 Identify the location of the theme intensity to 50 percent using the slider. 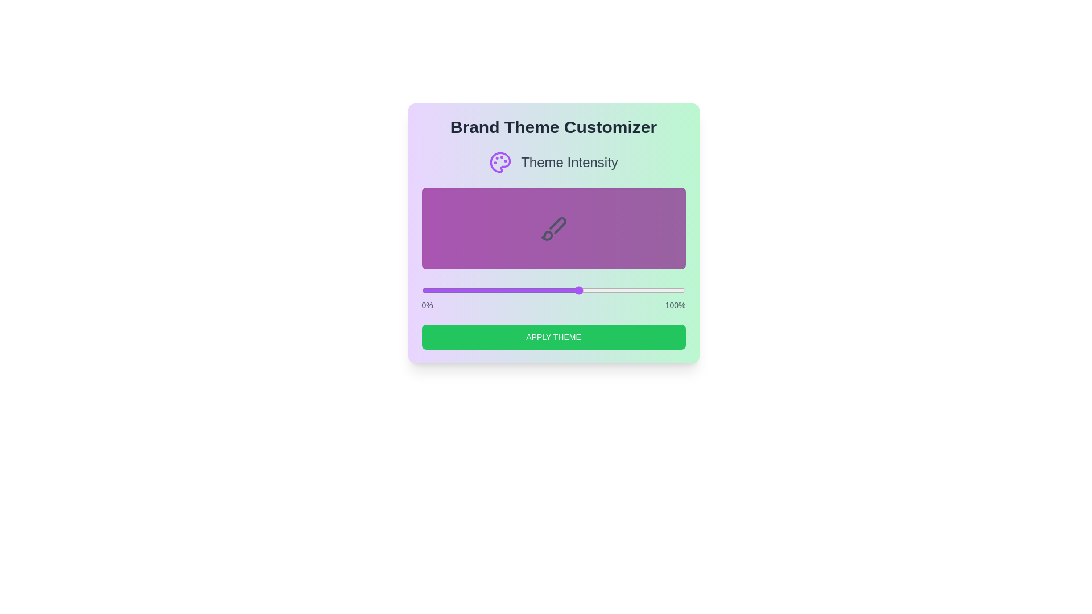
(553, 289).